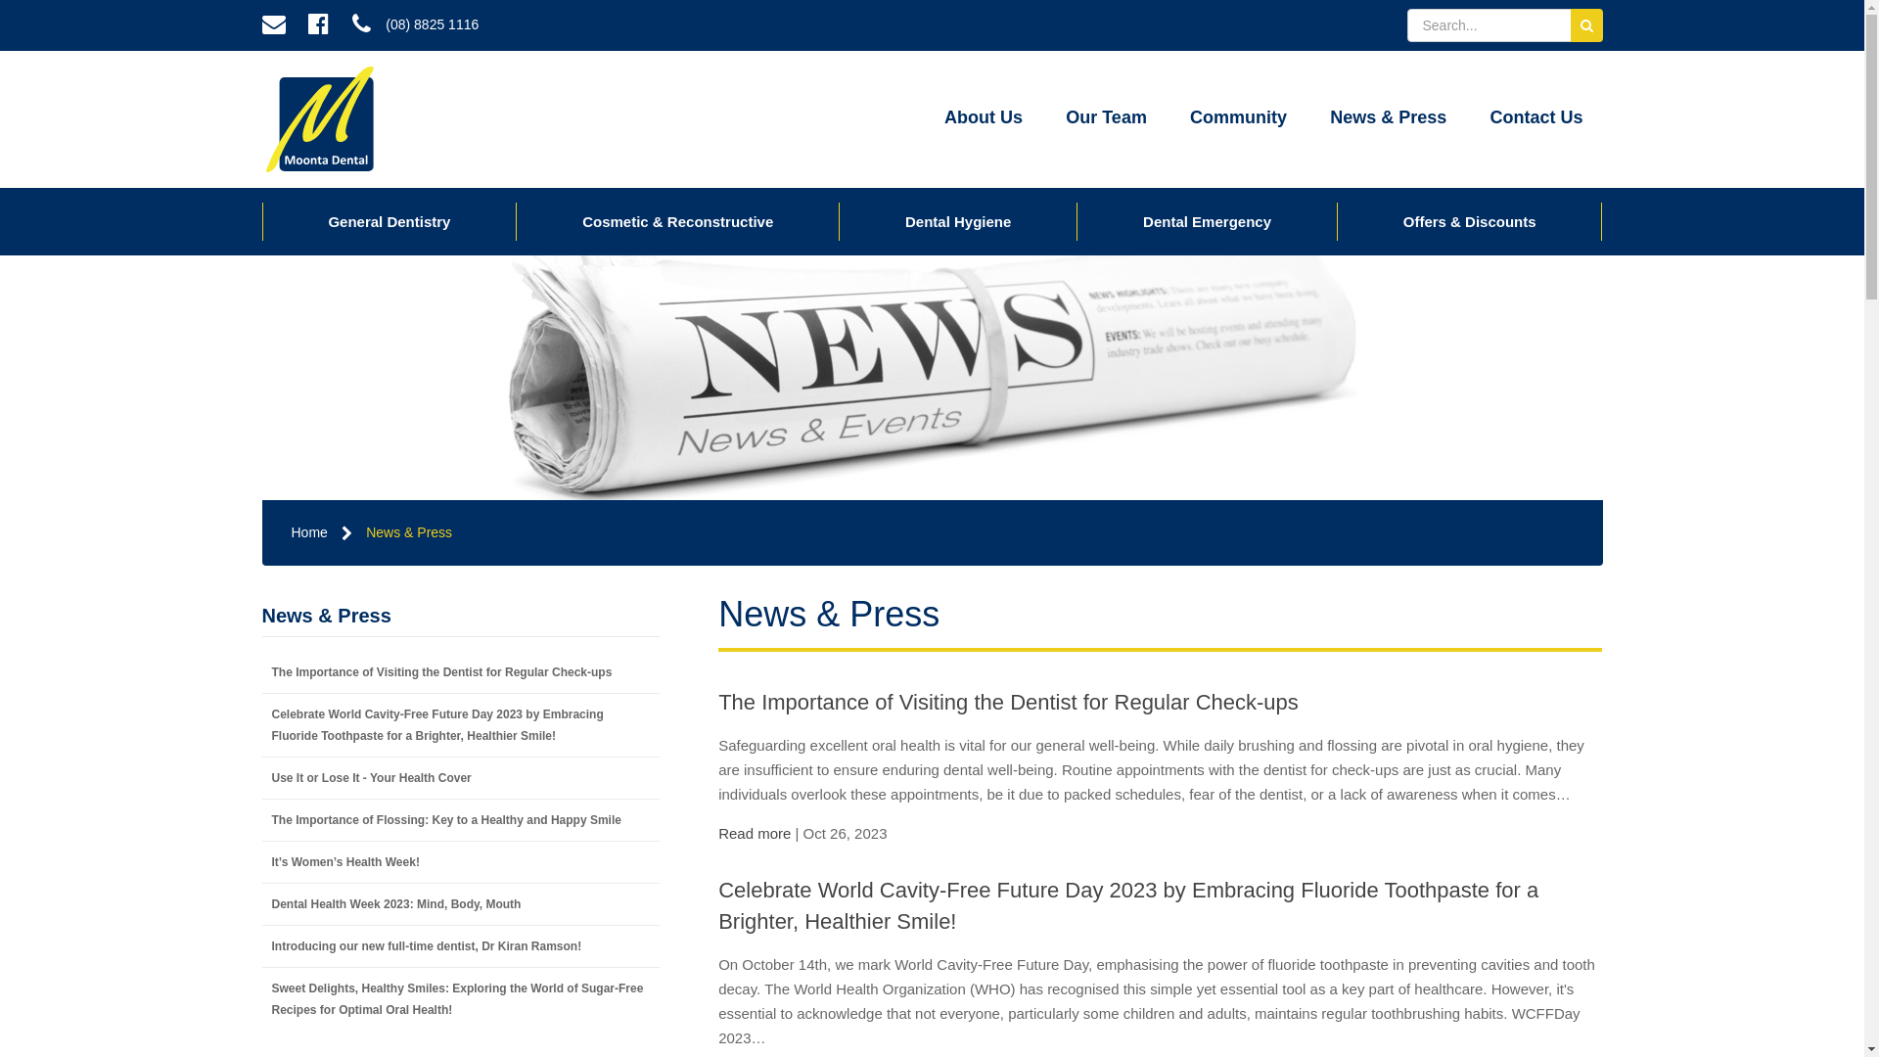 The height and width of the screenshot is (1057, 1879). Describe the element at coordinates (414, 25) in the screenshot. I see `'(08) 8825 1116'` at that location.